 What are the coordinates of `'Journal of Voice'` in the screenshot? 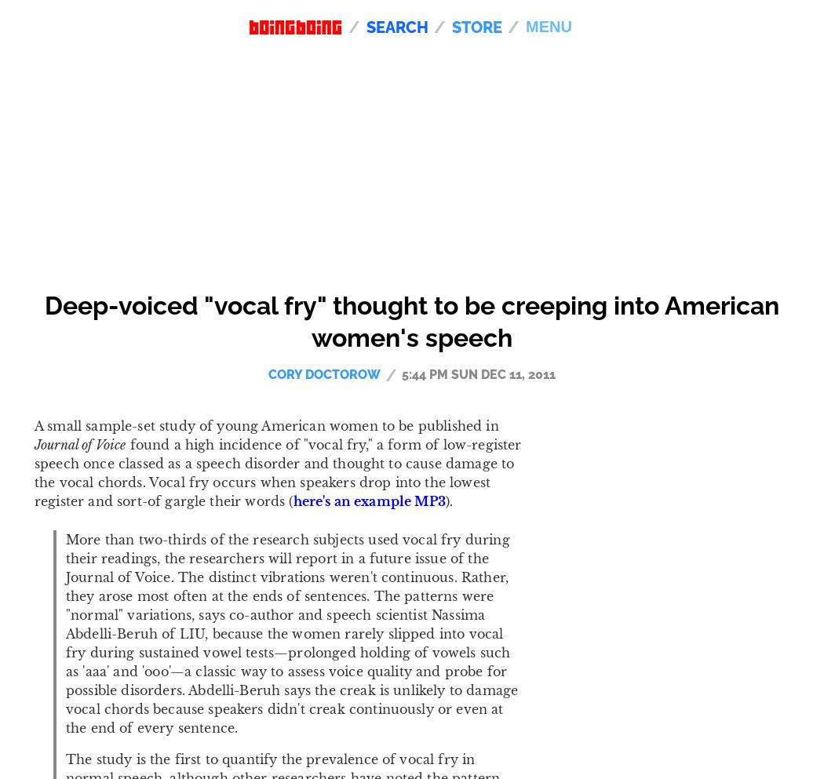 It's located at (79, 443).